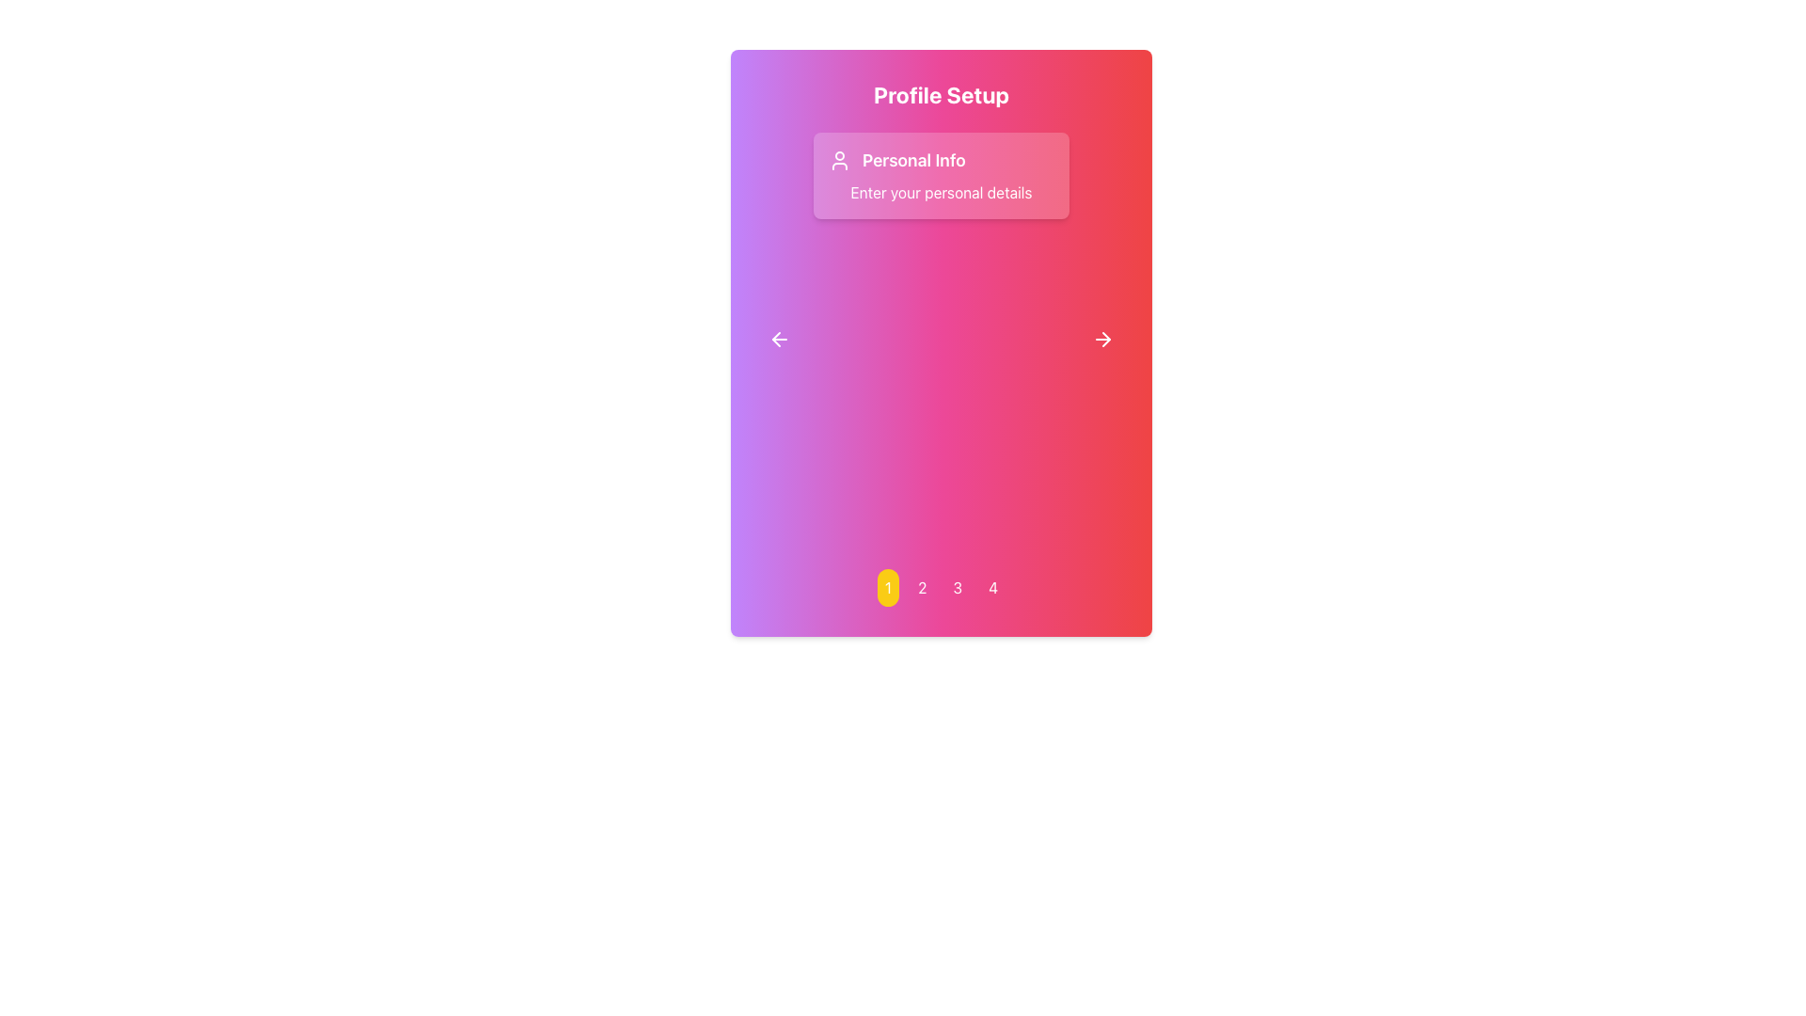 The width and height of the screenshot is (1806, 1016). What do you see at coordinates (780, 340) in the screenshot?
I see `the navigational button located within the 'Profile Setup' group to proceed to the previous step in the application` at bounding box center [780, 340].